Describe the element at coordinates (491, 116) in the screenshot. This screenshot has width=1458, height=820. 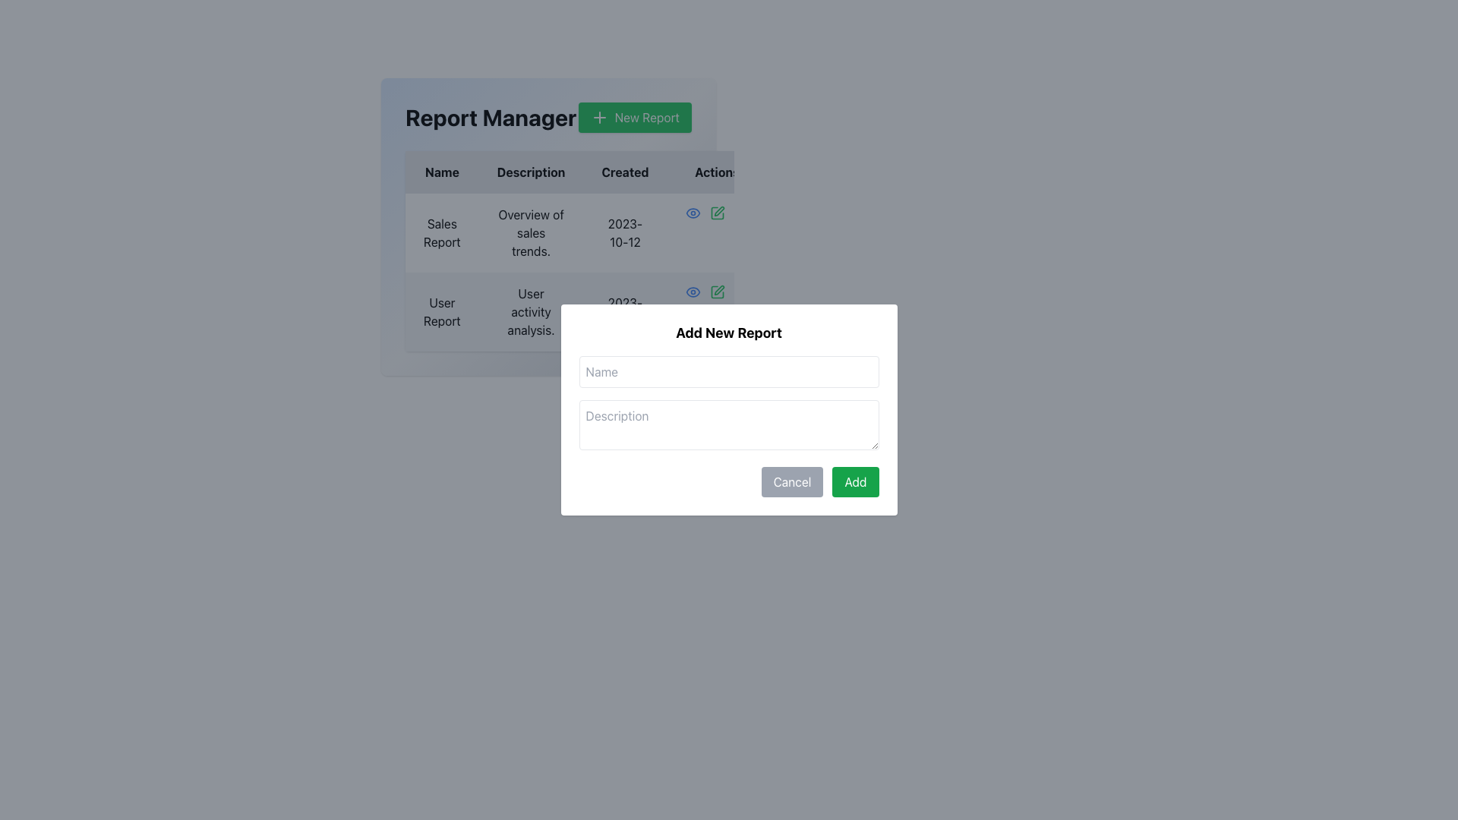
I see `the heading labeled 'Report Manager', which is styled with bold, large text and located at the top left of its section` at that location.